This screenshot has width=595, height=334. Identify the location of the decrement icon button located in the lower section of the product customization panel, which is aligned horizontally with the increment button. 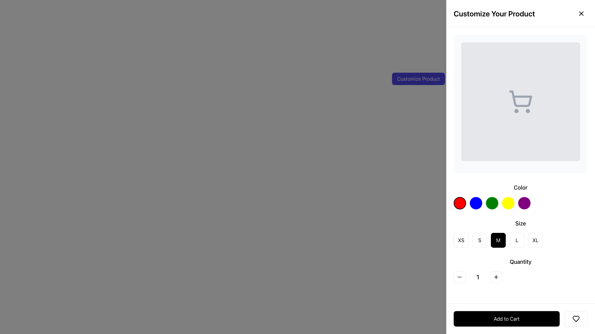
(460, 276).